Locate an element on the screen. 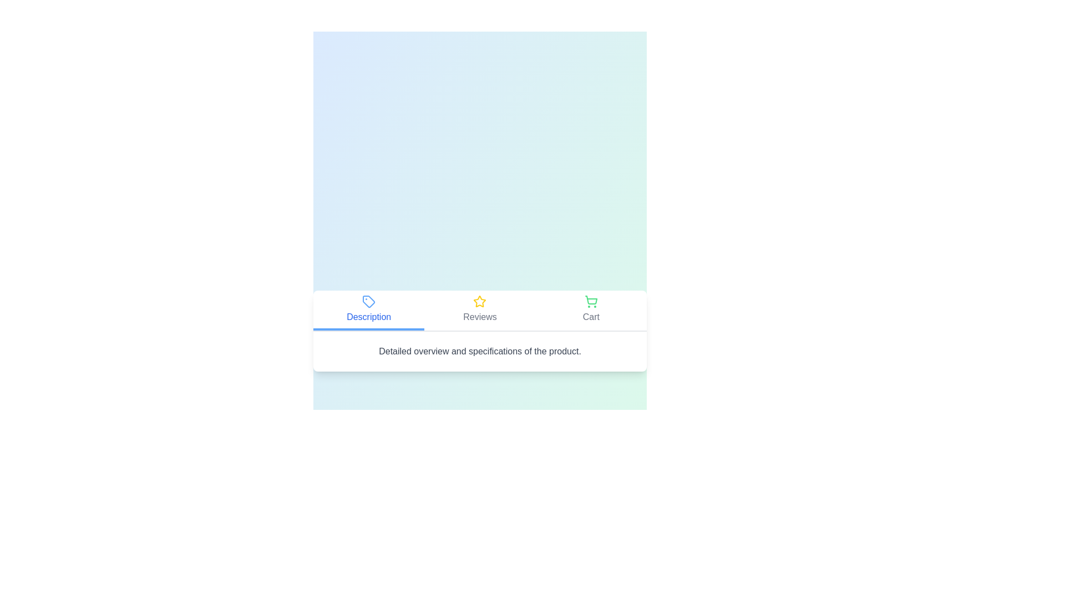 This screenshot has height=599, width=1065. the Cart tab is located at coordinates (590, 310).